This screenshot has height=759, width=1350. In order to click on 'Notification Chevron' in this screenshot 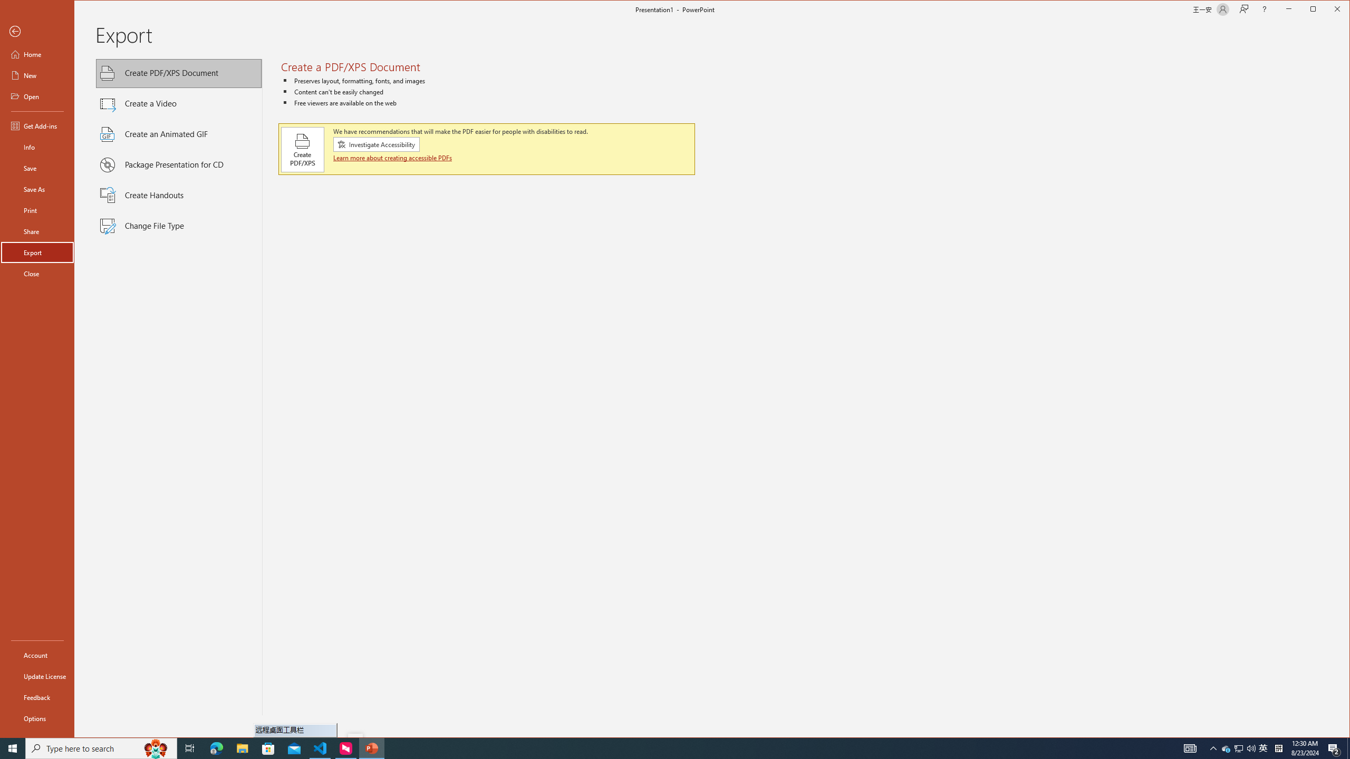, I will do `click(1213, 747)`.